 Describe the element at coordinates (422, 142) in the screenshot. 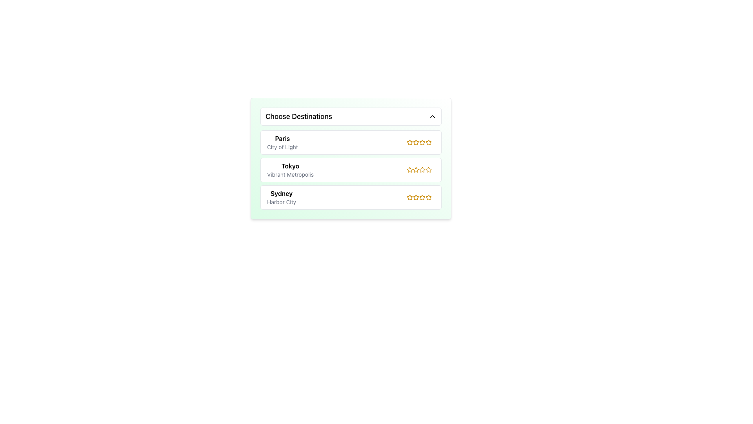

I see `the fourth star icon in the rating system for the 'Paris' destination, which is styled with a yellow color and is part of a group of five stars` at that location.